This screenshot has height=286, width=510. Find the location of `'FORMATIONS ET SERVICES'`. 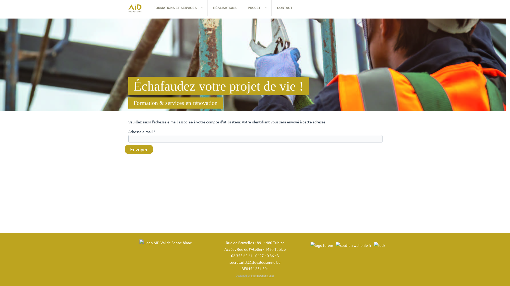

'FORMATIONS ET SERVICES' is located at coordinates (177, 8).